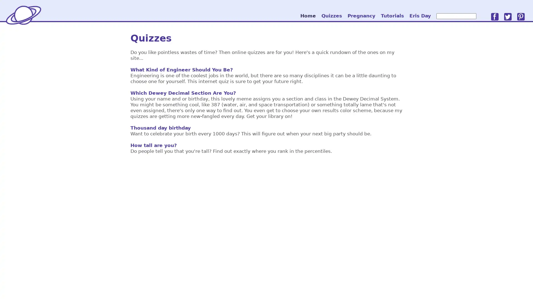 The width and height of the screenshot is (533, 299). Describe the element at coordinates (481, 16) in the screenshot. I see `go` at that location.